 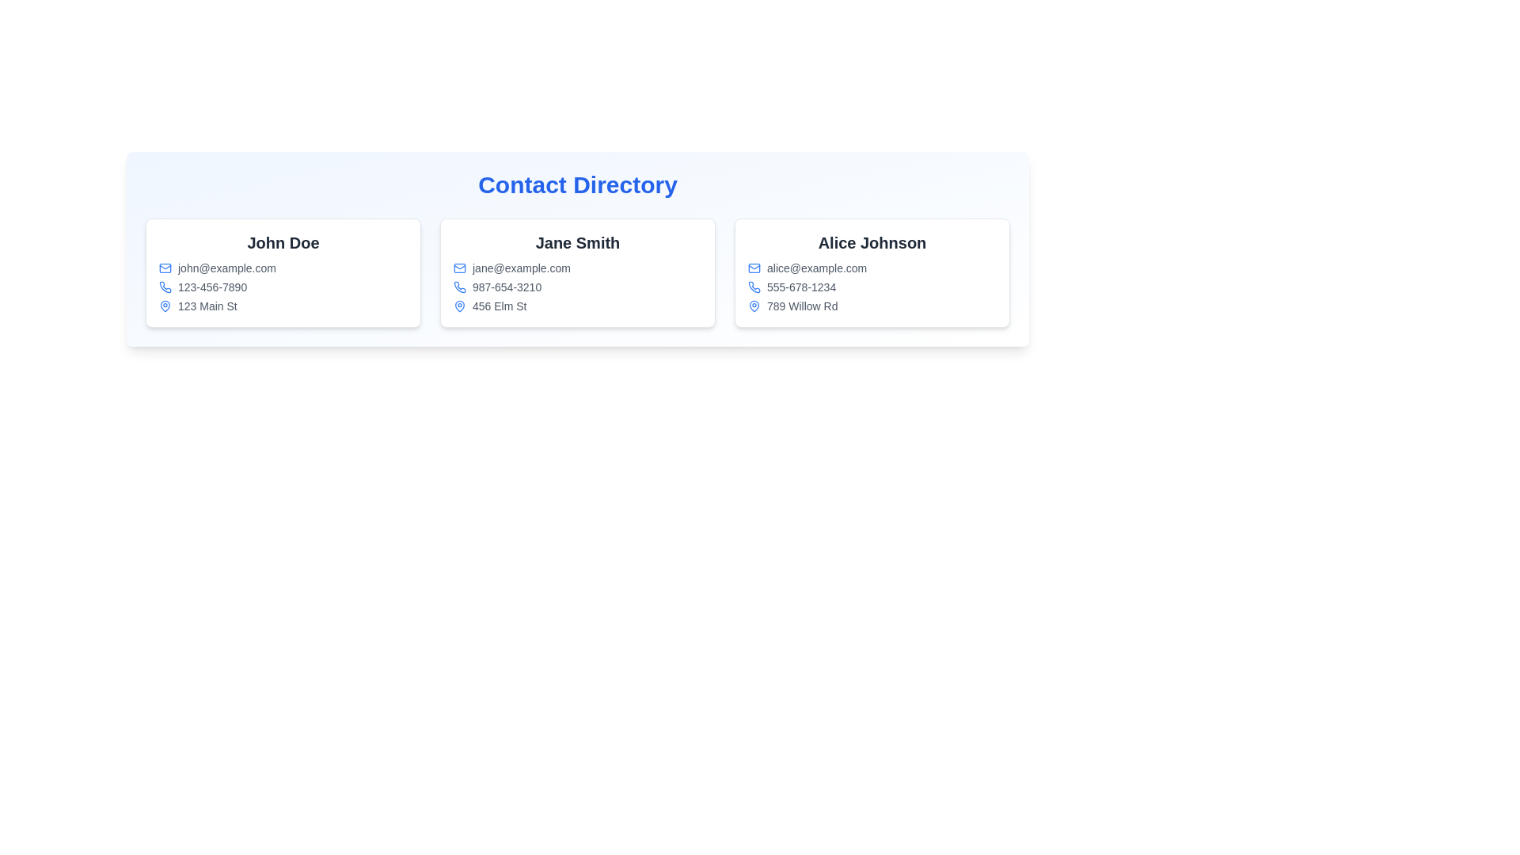 I want to click on the decorative SVG rectangle that is part of the envelope icon in Jane Smith's contact card, located to the left of the email address 'jane@example.com', so click(x=458, y=268).